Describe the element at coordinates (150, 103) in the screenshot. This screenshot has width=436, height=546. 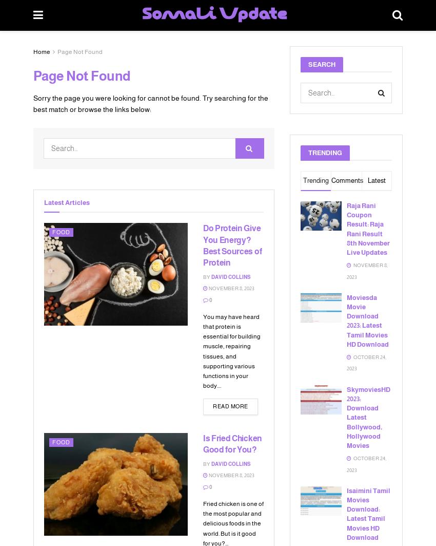
I see `'Sorry the page you were looking for cannot be found. Try searching for the best match or browse the links below:'` at that location.